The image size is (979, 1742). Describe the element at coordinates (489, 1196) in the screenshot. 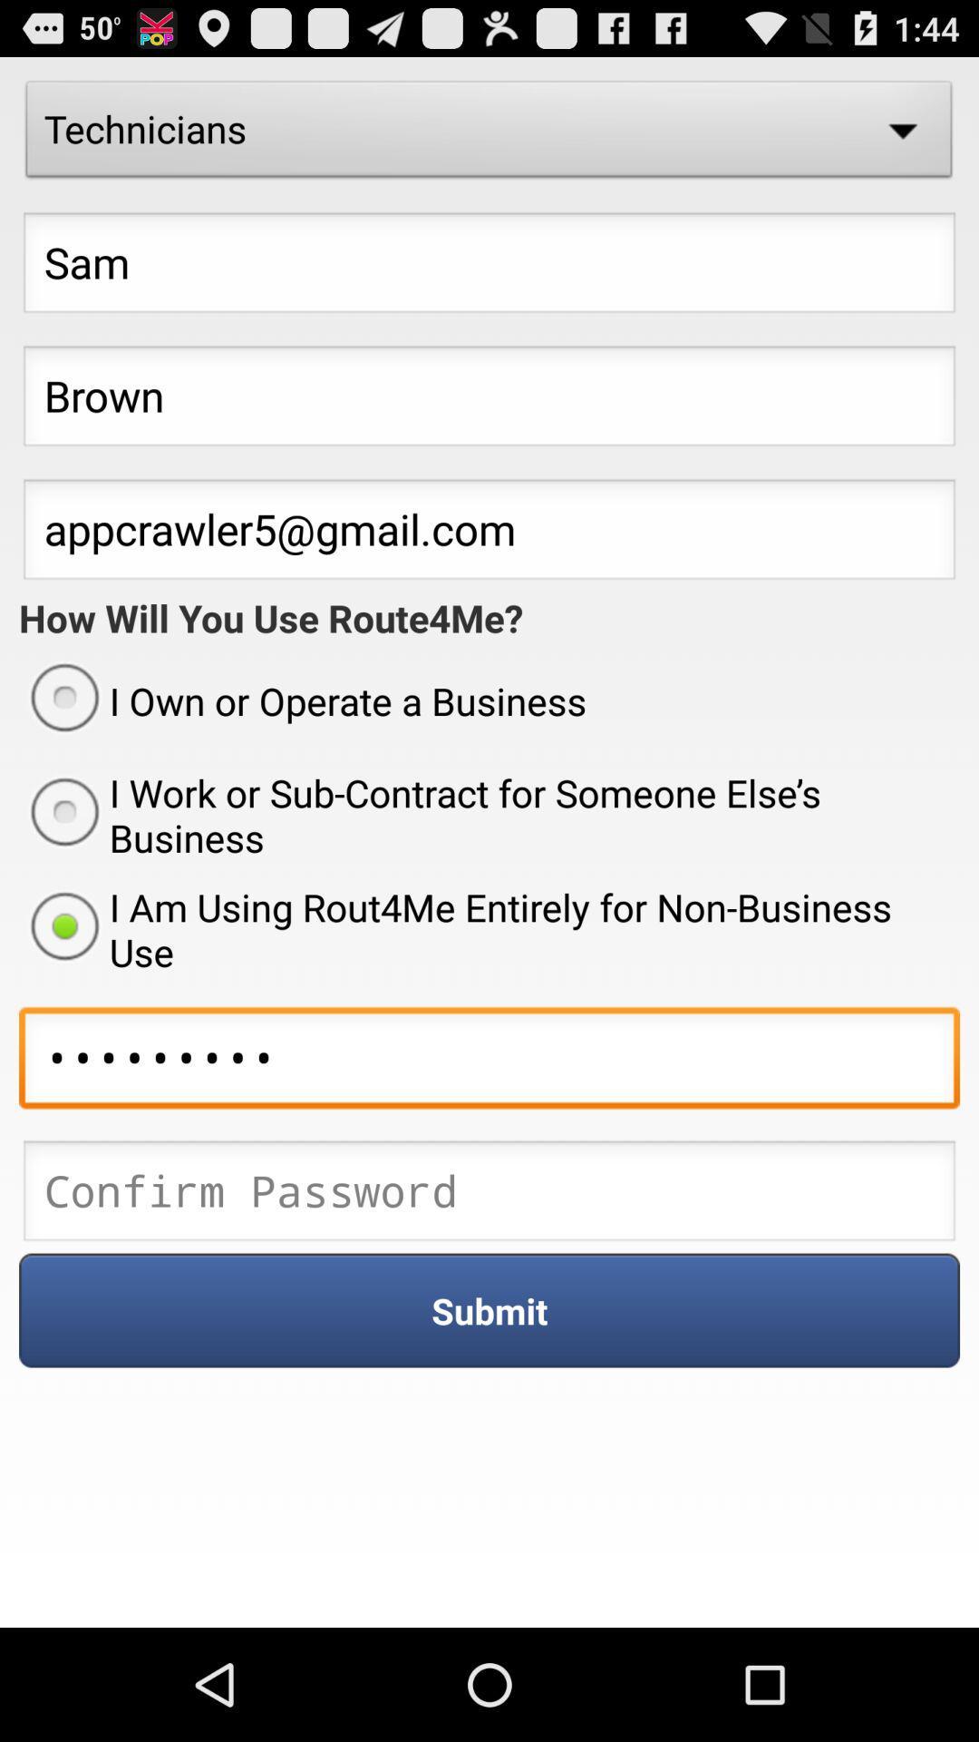

I see `ender the password box` at that location.